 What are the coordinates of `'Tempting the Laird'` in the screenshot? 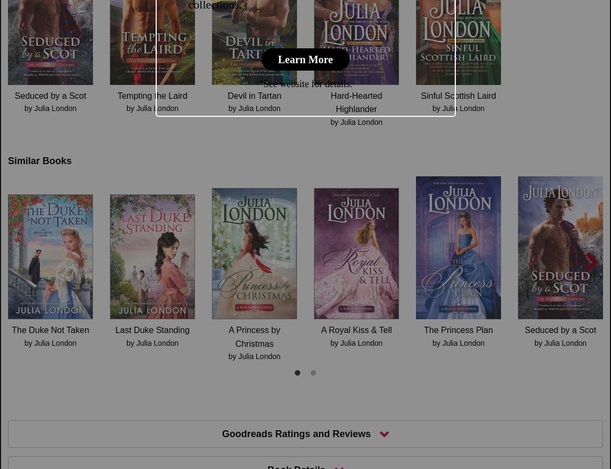 It's located at (151, 95).